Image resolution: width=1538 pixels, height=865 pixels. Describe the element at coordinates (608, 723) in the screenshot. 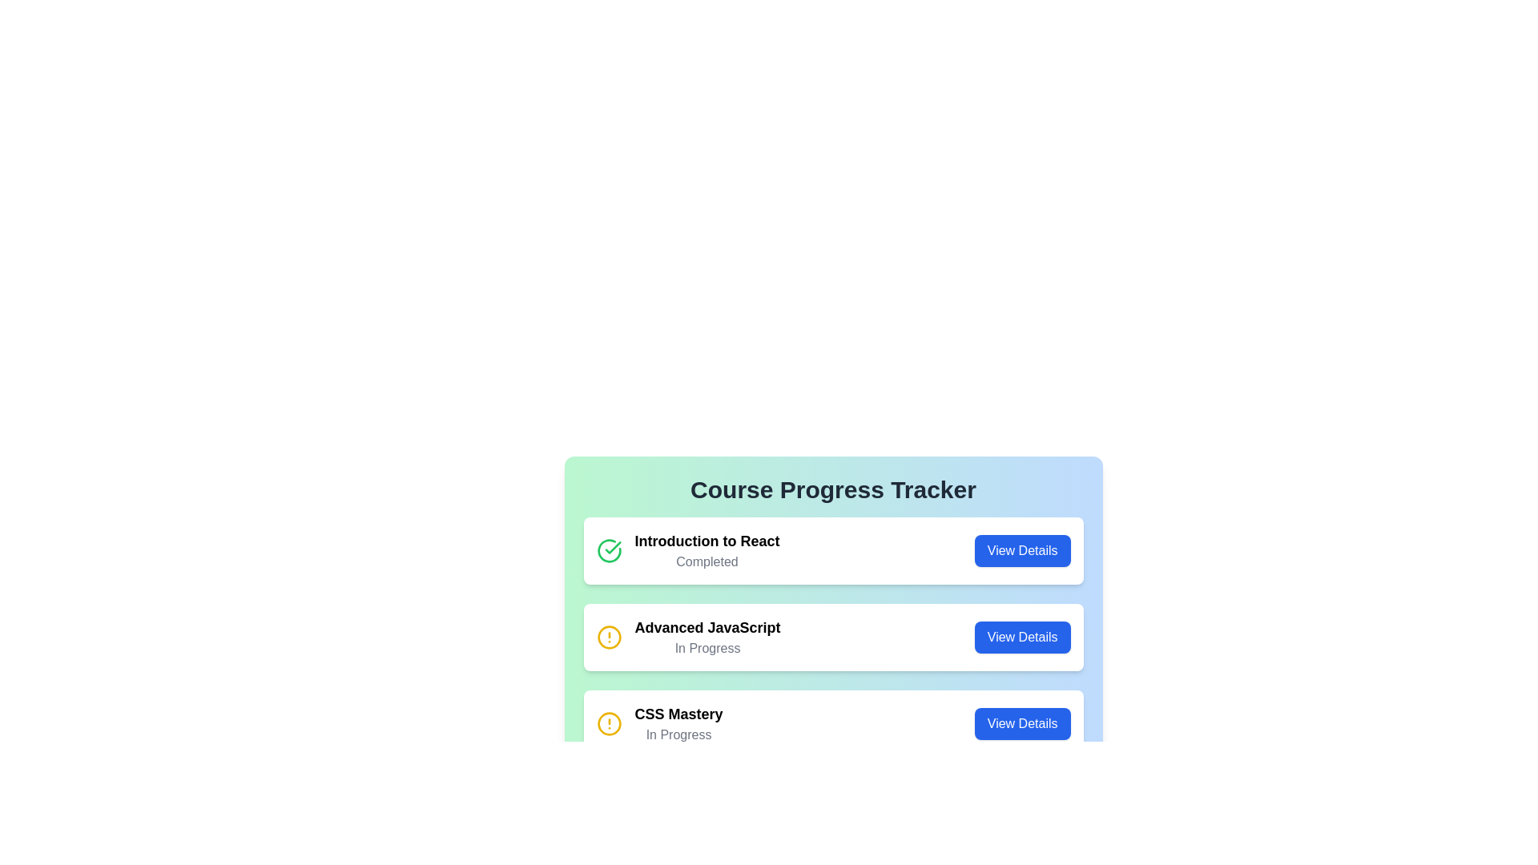

I see `the status indicator icon for the 'CSS Mastery' course progress row, which represents a warning or alert and is located to the left of the title text 'CSS Mastery'` at that location.